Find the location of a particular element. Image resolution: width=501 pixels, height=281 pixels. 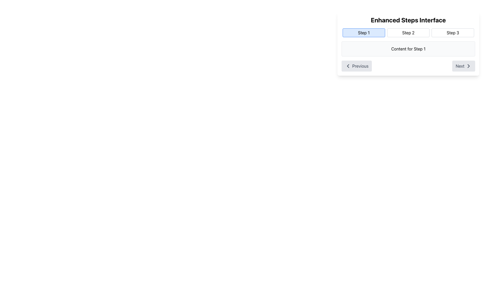

the 'Previous' button that contains the left-pointing chevron icon is located at coordinates (348, 66).